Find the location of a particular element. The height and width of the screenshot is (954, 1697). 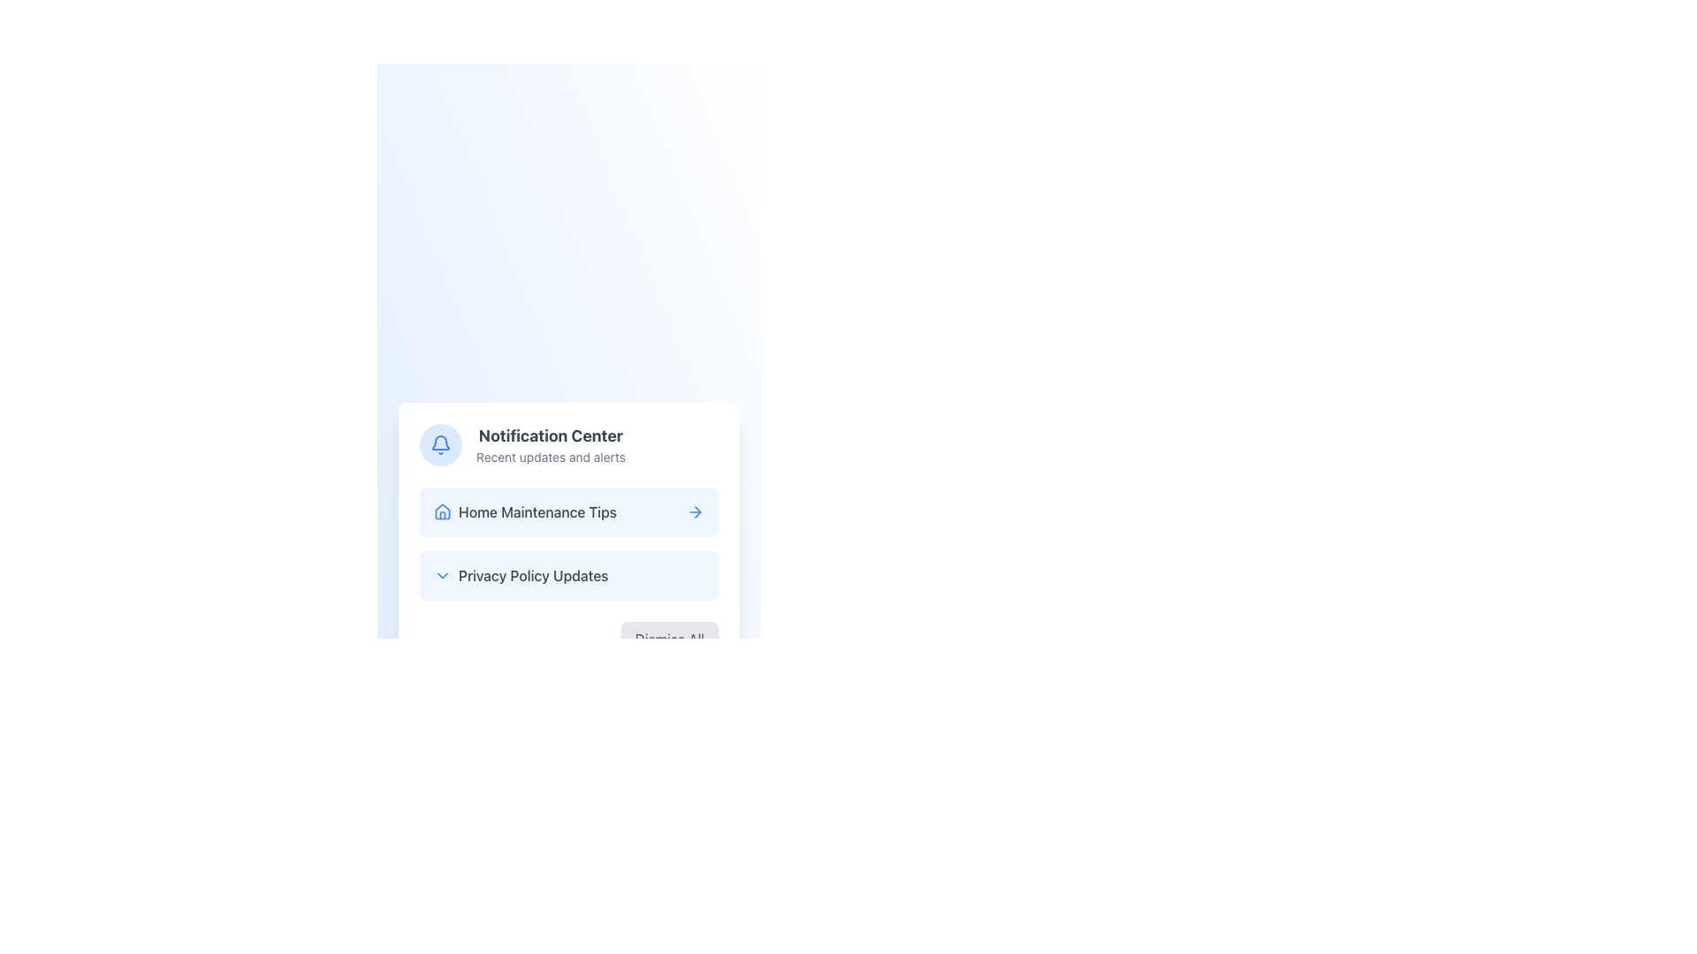

the 'Home Maintenance Tips' button is located at coordinates (568, 511).